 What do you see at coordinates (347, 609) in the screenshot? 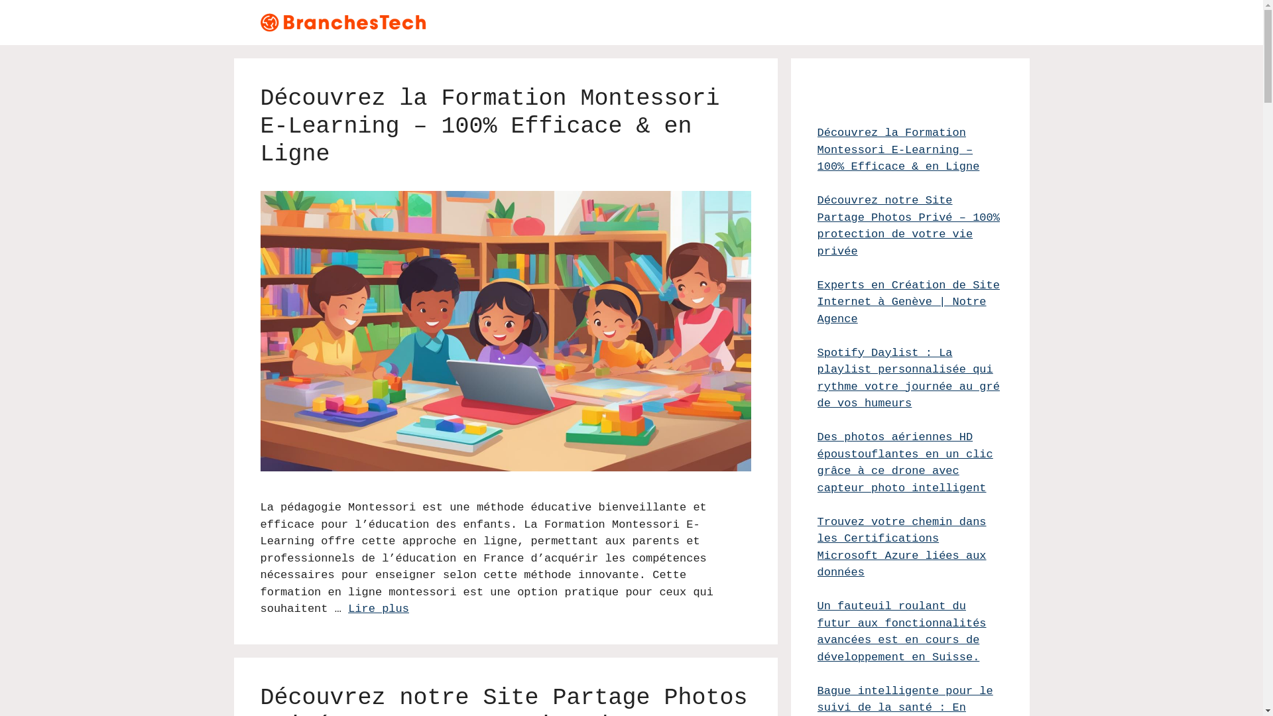
I see `'Lire plus'` at bounding box center [347, 609].